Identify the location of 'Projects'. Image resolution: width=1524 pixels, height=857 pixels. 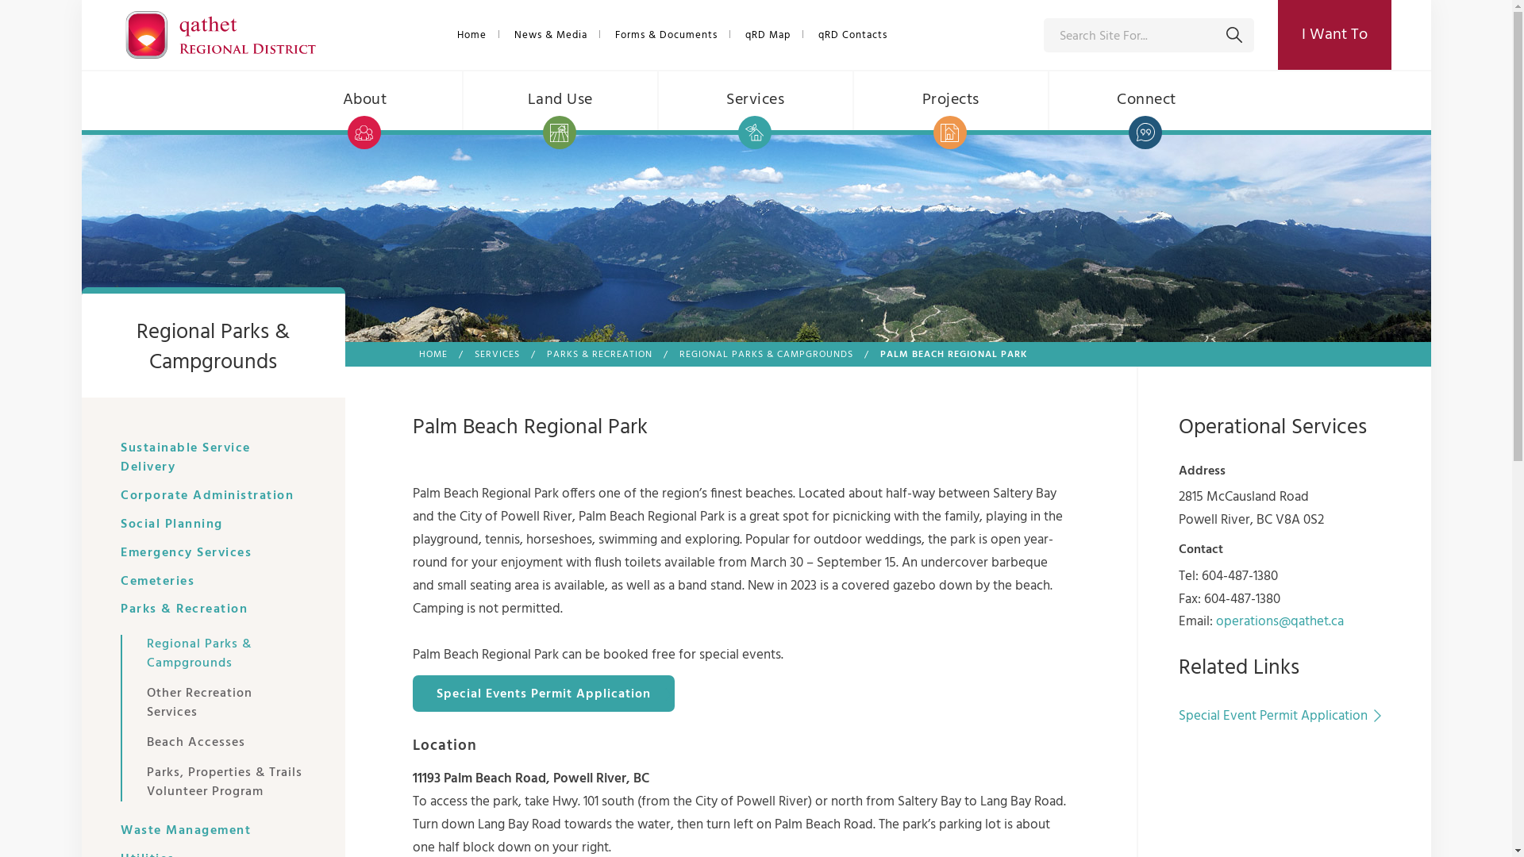
(952, 101).